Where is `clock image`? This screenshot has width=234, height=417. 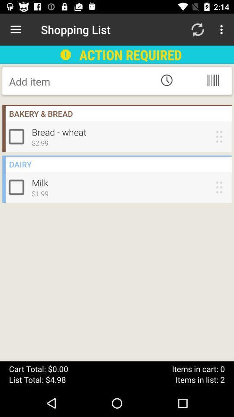
clock image is located at coordinates (166, 80).